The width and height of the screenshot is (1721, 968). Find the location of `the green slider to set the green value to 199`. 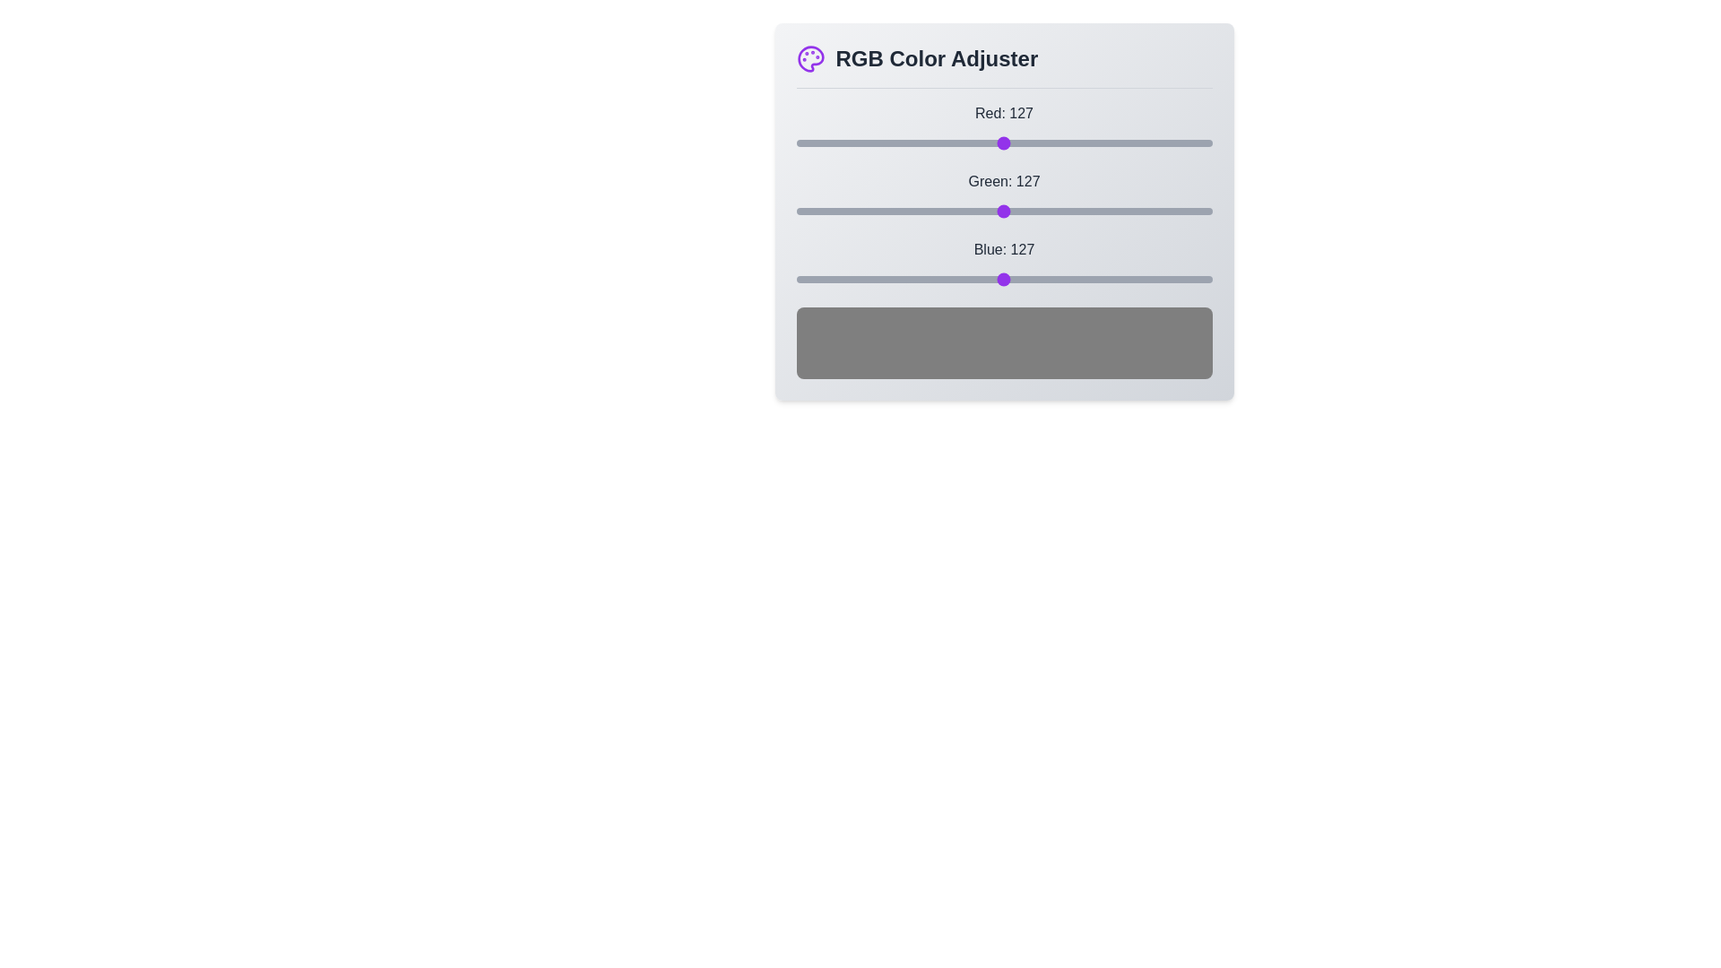

the green slider to set the green value to 199 is located at coordinates (1120, 210).